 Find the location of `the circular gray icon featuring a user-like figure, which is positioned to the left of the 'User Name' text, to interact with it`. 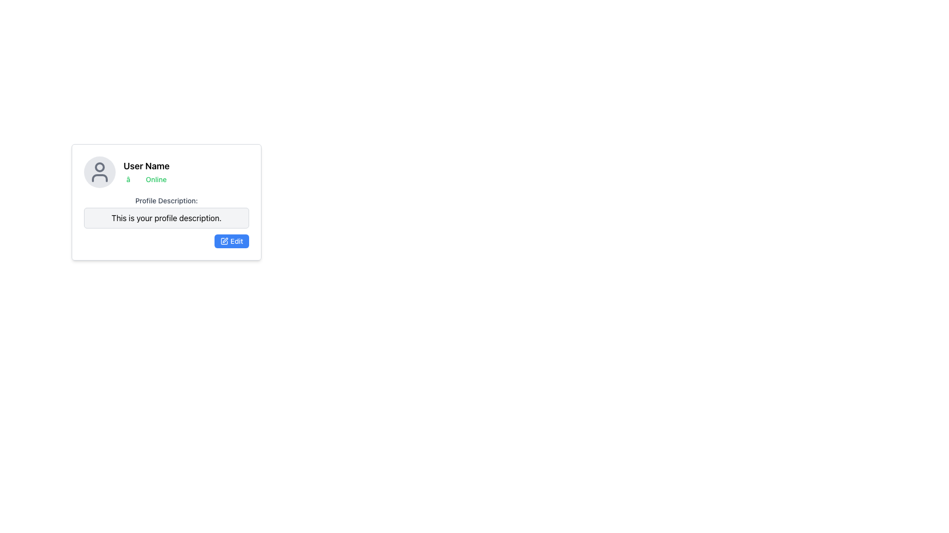

the circular gray icon featuring a user-like figure, which is positioned to the left of the 'User Name' text, to interact with it is located at coordinates (99, 171).